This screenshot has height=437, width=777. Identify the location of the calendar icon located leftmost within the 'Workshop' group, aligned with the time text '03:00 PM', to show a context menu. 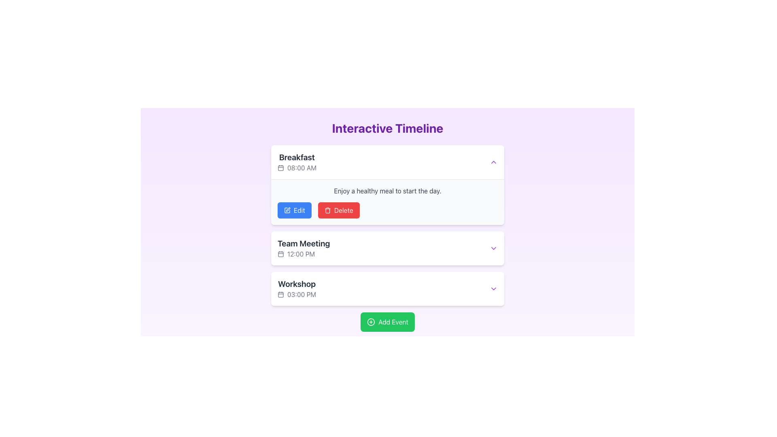
(281, 295).